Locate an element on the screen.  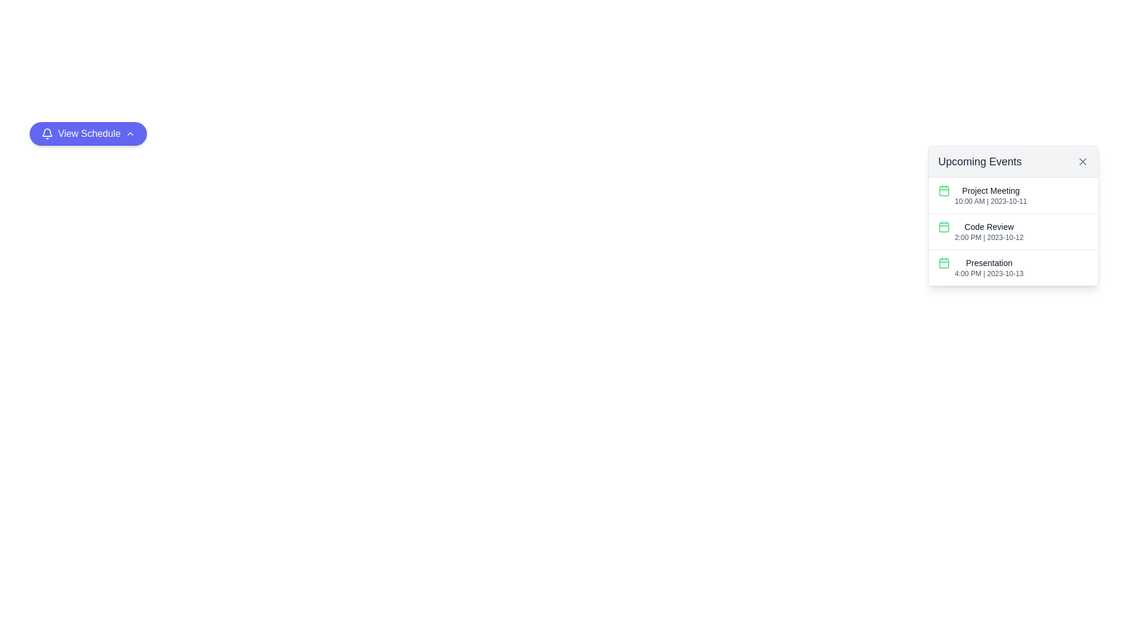
the notification bell icon, which is styled with a smooth outline and located to the left of the 'View Schedule' button is located at coordinates (47, 132).